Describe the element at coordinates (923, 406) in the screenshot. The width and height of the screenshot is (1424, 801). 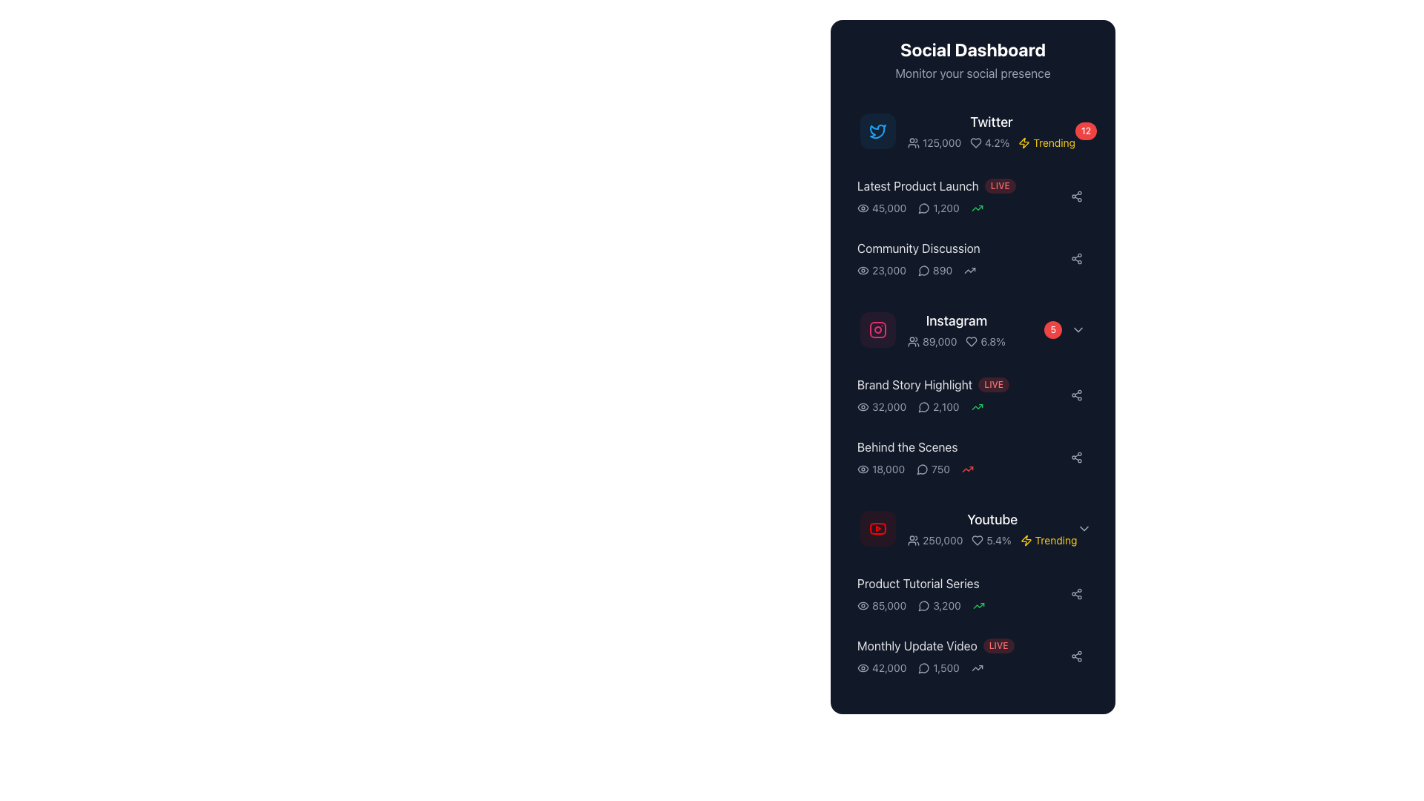
I see `the small circular comment bubble icon located in the 'Brand Story Highlight' section to interact with the related comments or details` at that location.